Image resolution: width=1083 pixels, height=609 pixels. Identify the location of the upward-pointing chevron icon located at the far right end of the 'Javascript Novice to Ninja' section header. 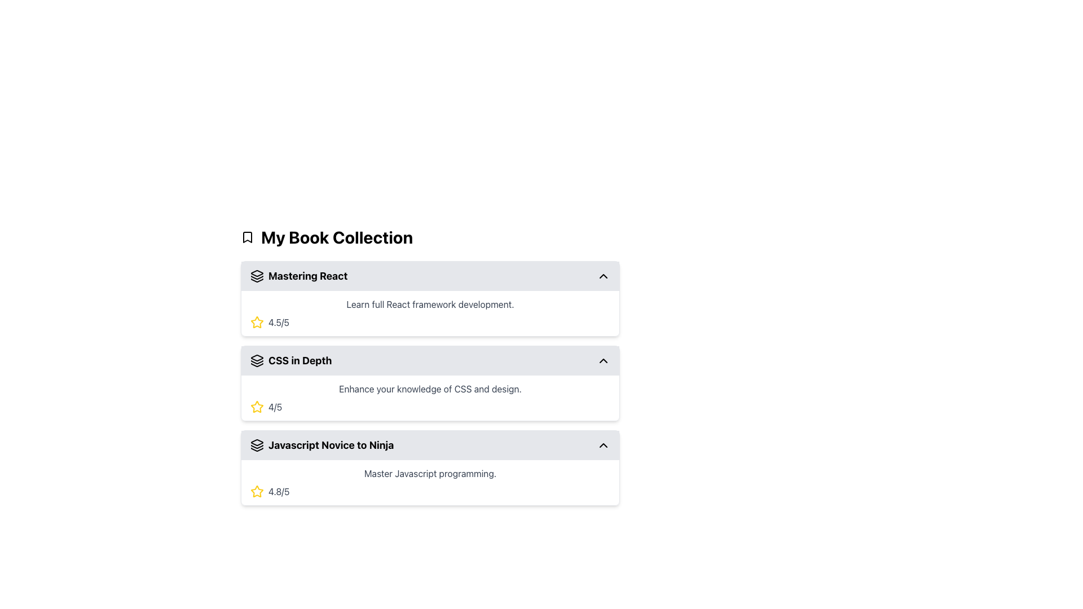
(603, 445).